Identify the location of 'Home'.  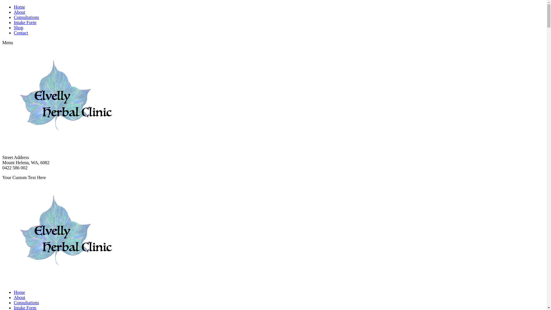
(19, 292).